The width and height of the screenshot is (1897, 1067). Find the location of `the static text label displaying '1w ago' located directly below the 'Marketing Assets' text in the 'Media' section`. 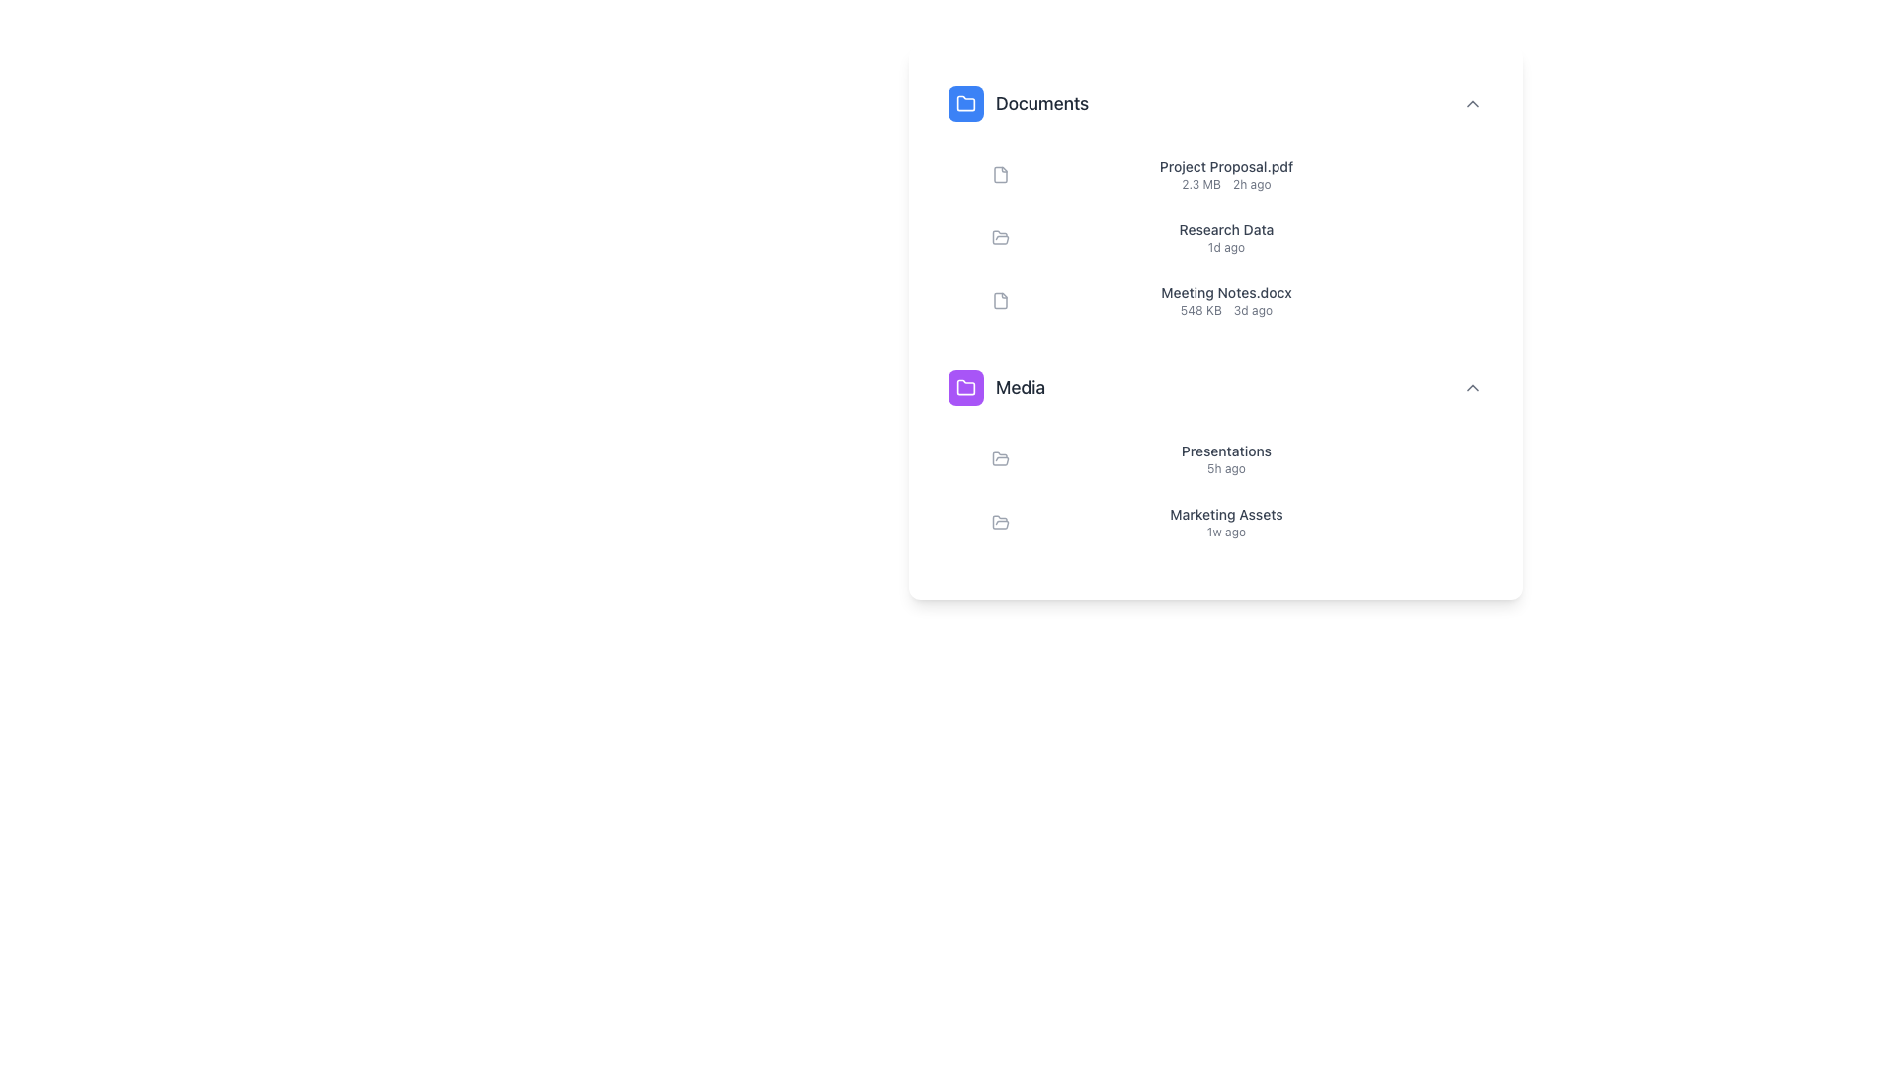

the static text label displaying '1w ago' located directly below the 'Marketing Assets' text in the 'Media' section is located at coordinates (1225, 532).